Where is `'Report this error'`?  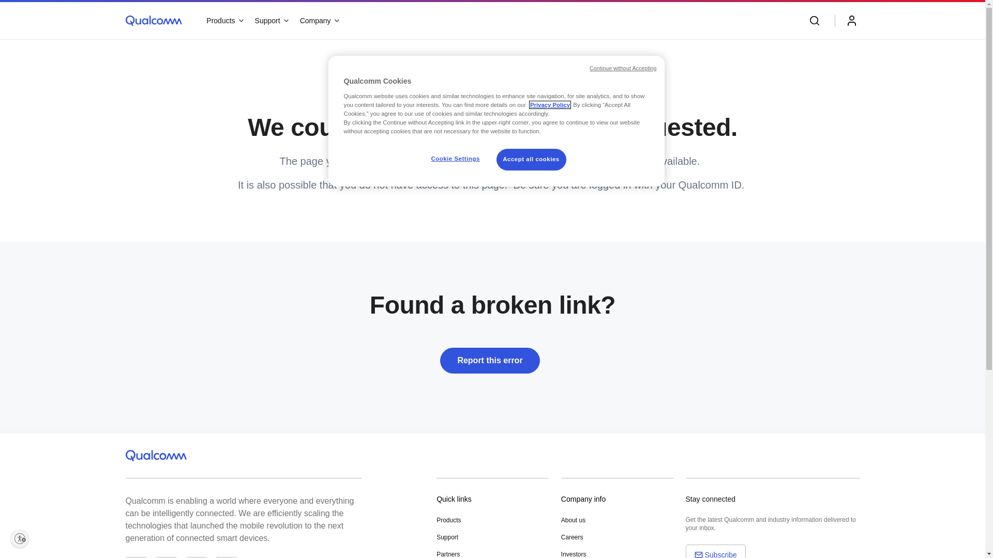
'Report this error' is located at coordinates (491, 362).